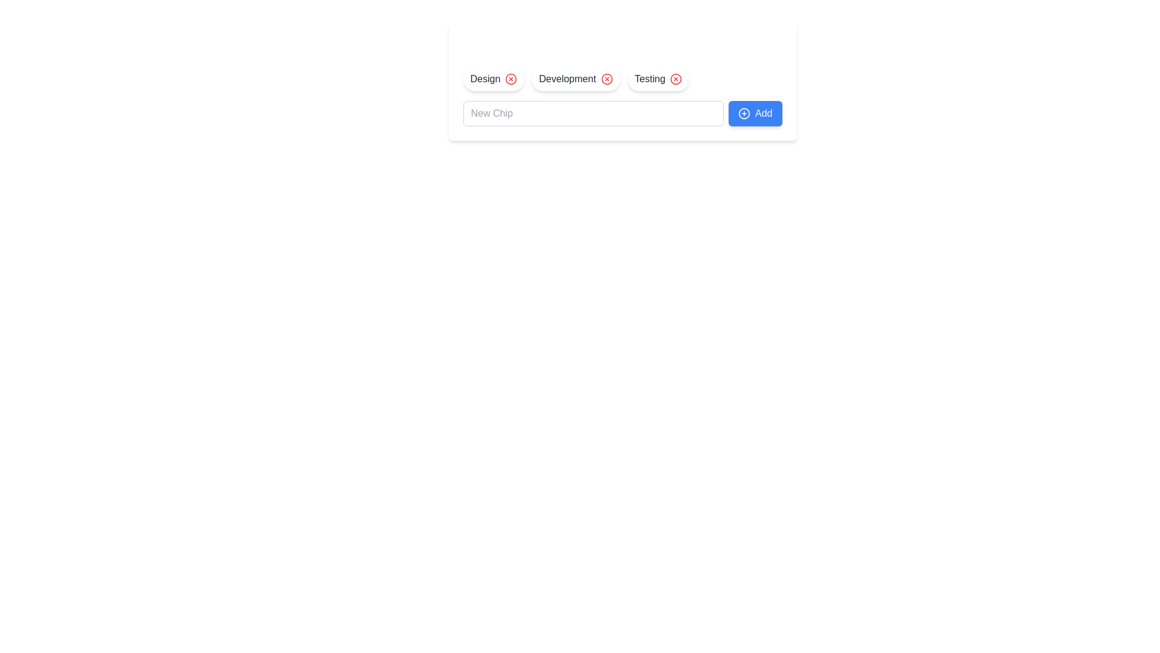 The image size is (1160, 653). Describe the element at coordinates (593, 114) in the screenshot. I see `the input field and type the desired text` at that location.